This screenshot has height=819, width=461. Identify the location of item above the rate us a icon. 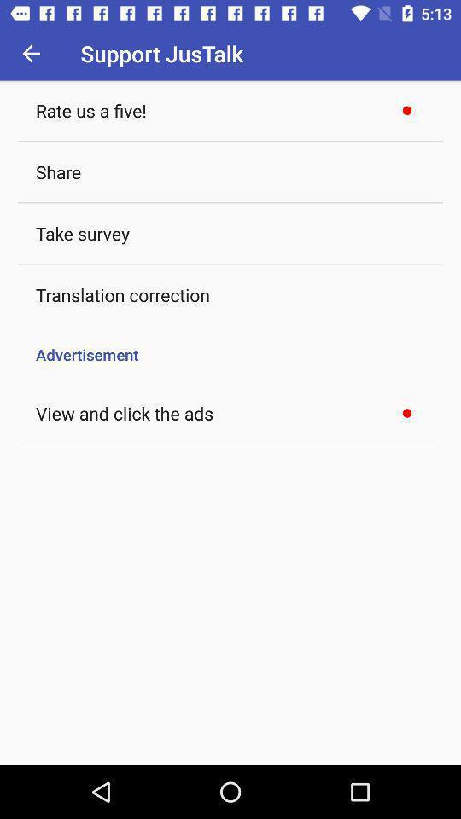
(31, 53).